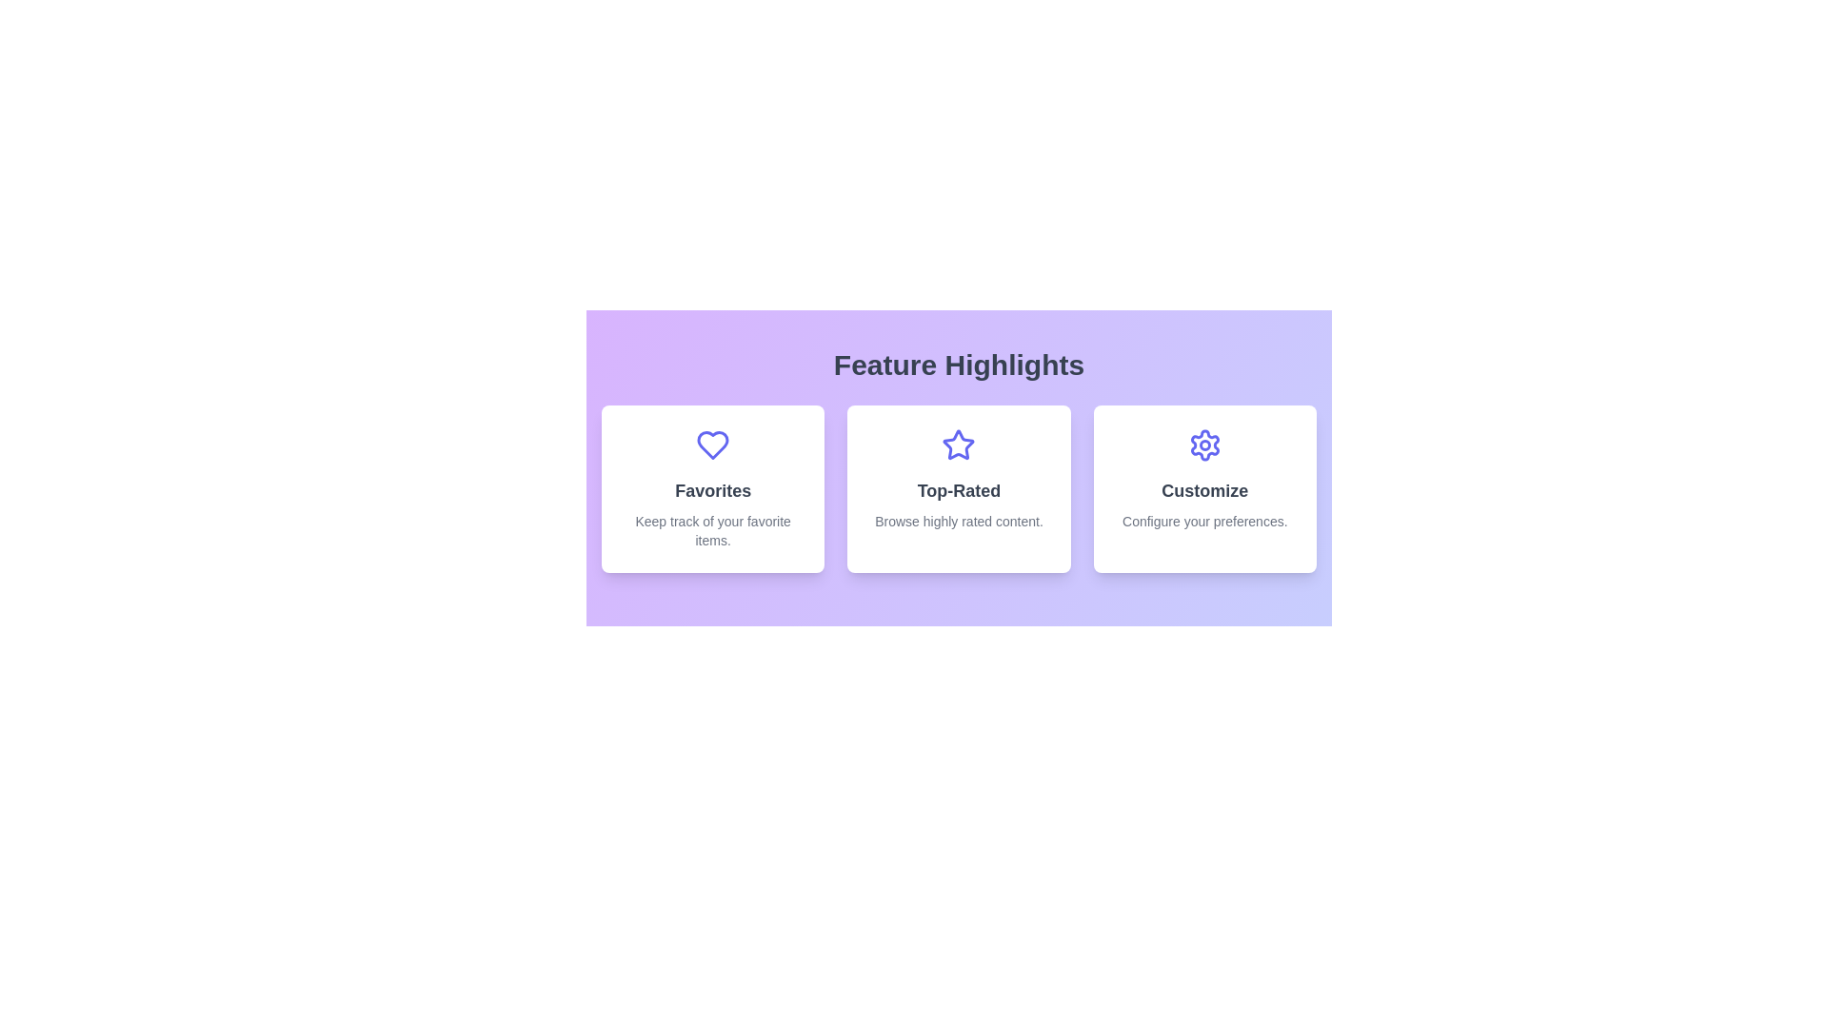 This screenshot has width=1828, height=1028. What do you see at coordinates (959, 490) in the screenshot?
I see `the 'Top-Rated' text label located in the middle card, which serves as a title or header for the content` at bounding box center [959, 490].